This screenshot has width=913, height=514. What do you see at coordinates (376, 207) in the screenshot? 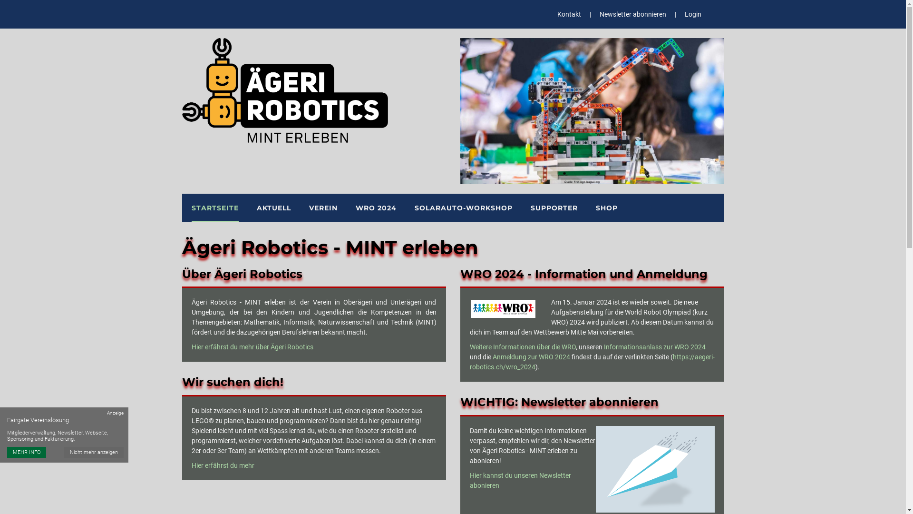
I see `'WRO 2024'` at bounding box center [376, 207].